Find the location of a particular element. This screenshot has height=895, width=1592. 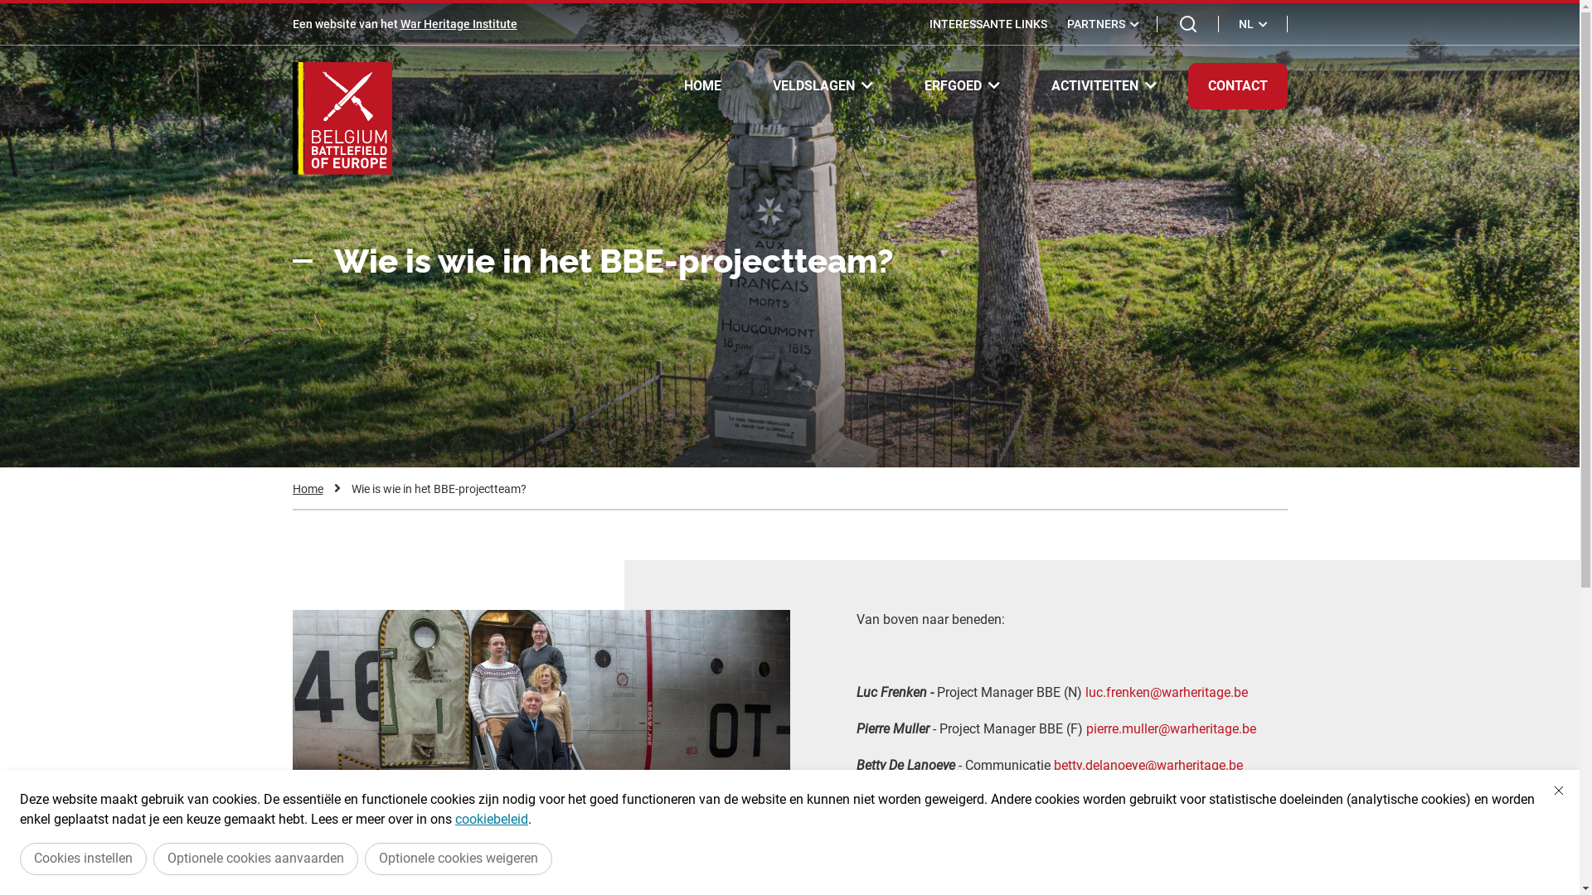

'Belgium Battlefield of Europe home page' is located at coordinates (341, 117).